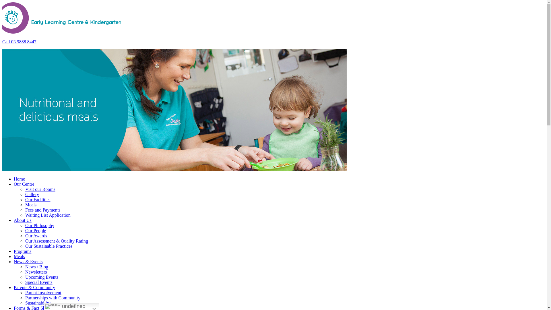  I want to click on 'Waiting List Application', so click(25, 215).